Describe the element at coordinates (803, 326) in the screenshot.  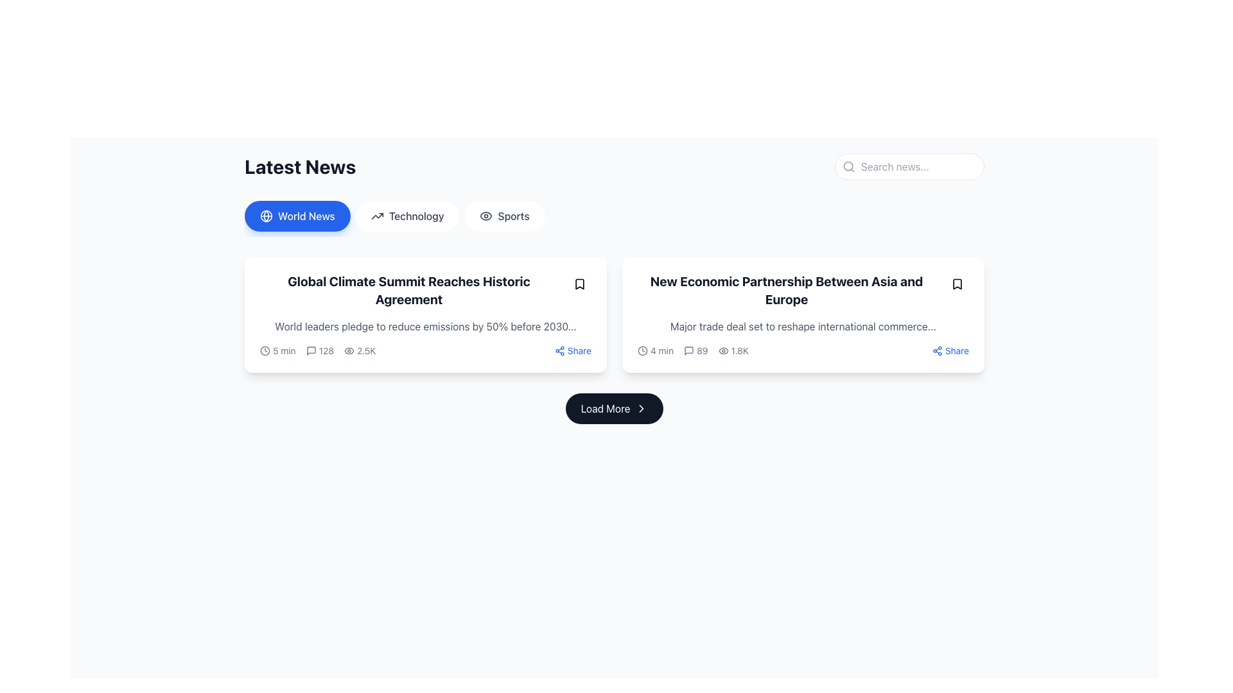
I see `the static text display containing the sentence 'Major trade deal set to reshape international commerce...' which is styled in lighter gray color and positioned below the heading 'New Economic Partnership Between Asia and Europe'` at that location.